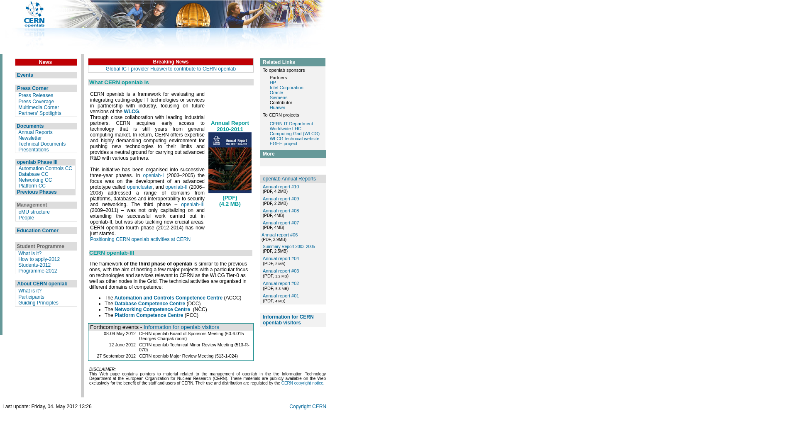 The image size is (797, 448). Describe the element at coordinates (153, 175) in the screenshot. I see `'openlab-I'` at that location.